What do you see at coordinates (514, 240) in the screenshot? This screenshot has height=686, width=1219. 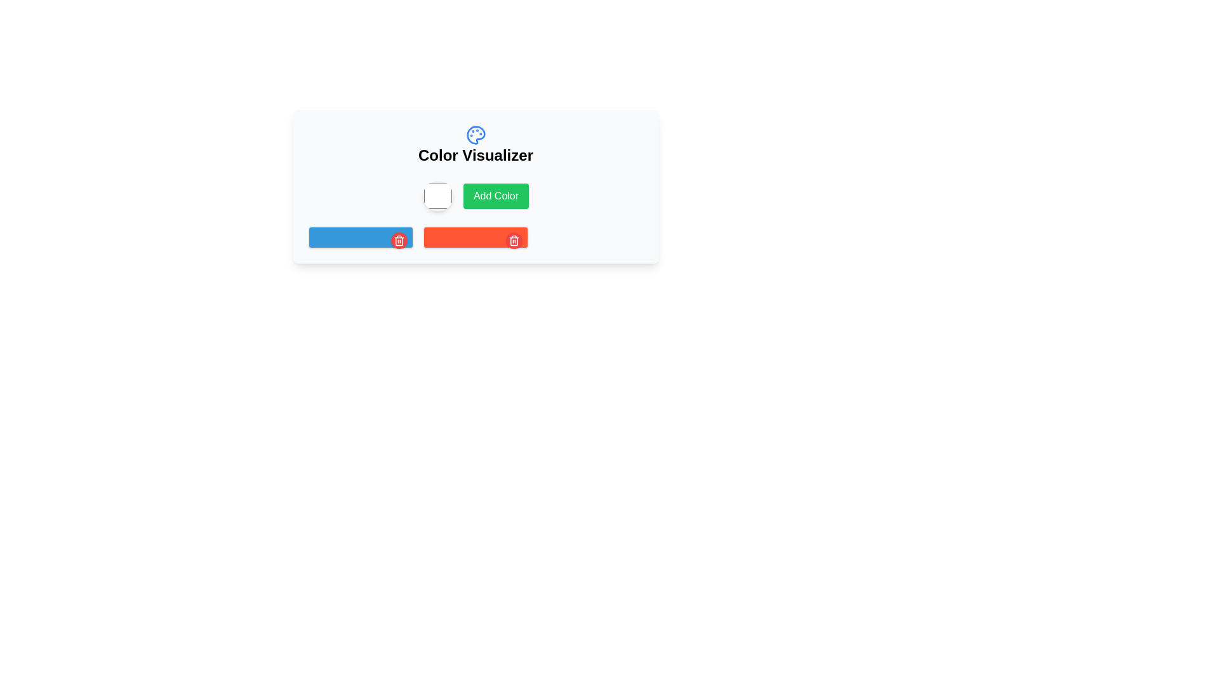 I see `the small circular button with a red background and a white trash can icon to observe any hover effects` at bounding box center [514, 240].